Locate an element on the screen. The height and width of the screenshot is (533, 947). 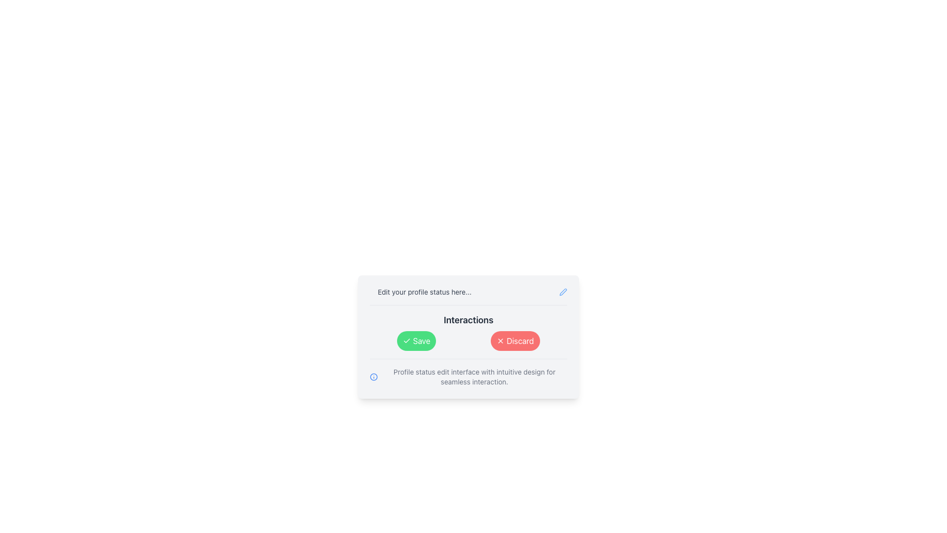
the informational text 'Profile status edit interface with intuitive design for seamless interaction.' located below the 'Save' and 'Discard' buttons to read the description is located at coordinates (468, 373).